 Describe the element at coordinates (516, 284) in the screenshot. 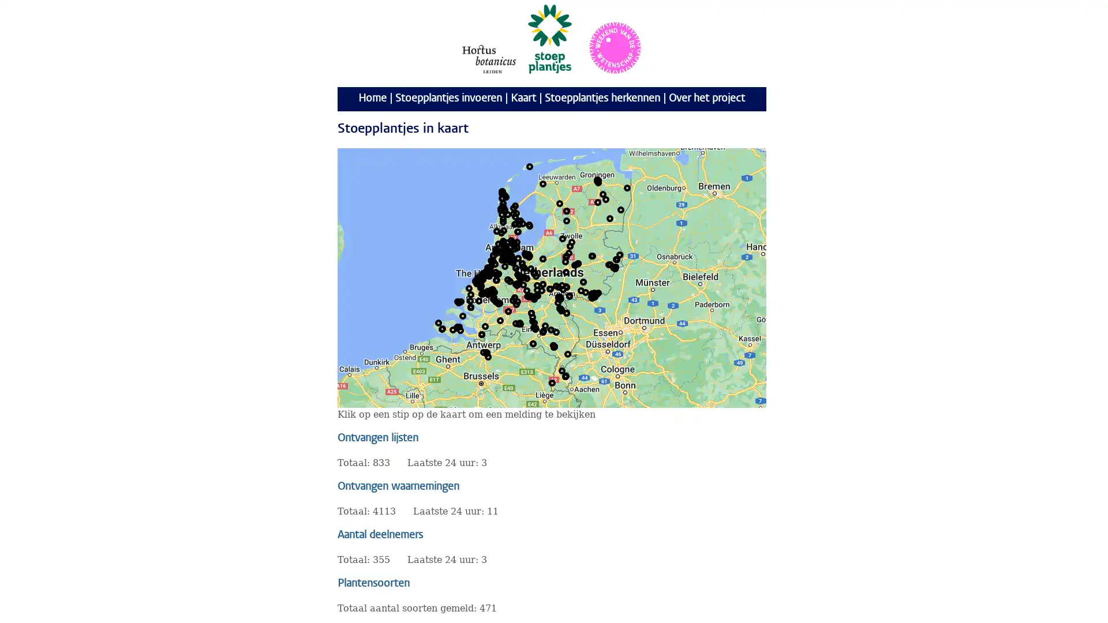

I see `Telling van Richard Janzen op 19 mei 2022` at that location.